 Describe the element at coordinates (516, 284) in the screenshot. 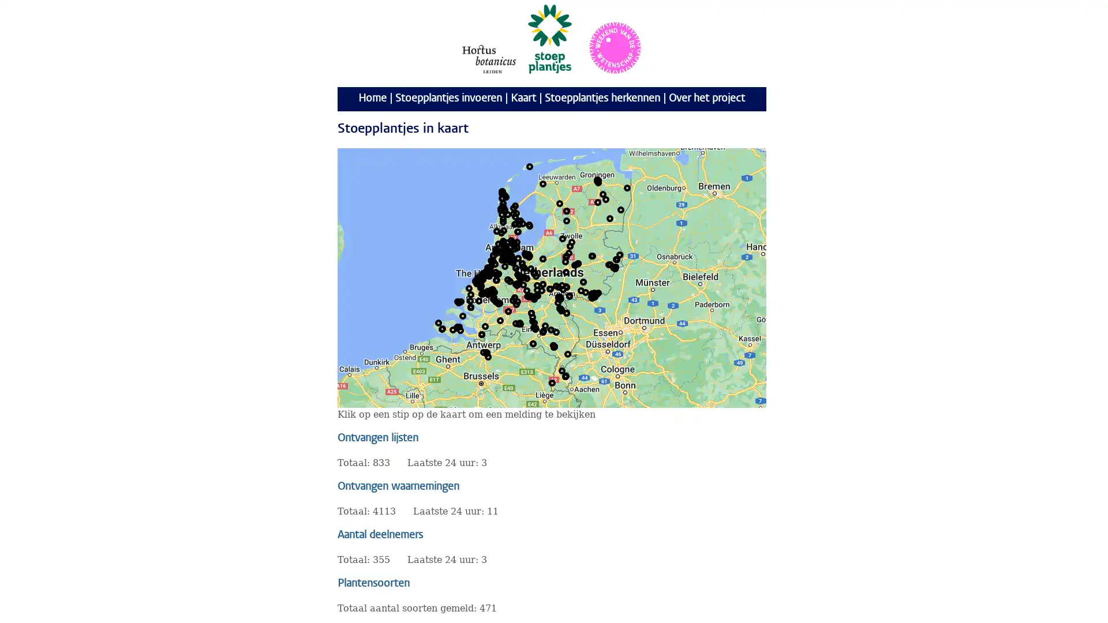

I see `Telling van Richard Janzen op 19 mei 2022` at that location.